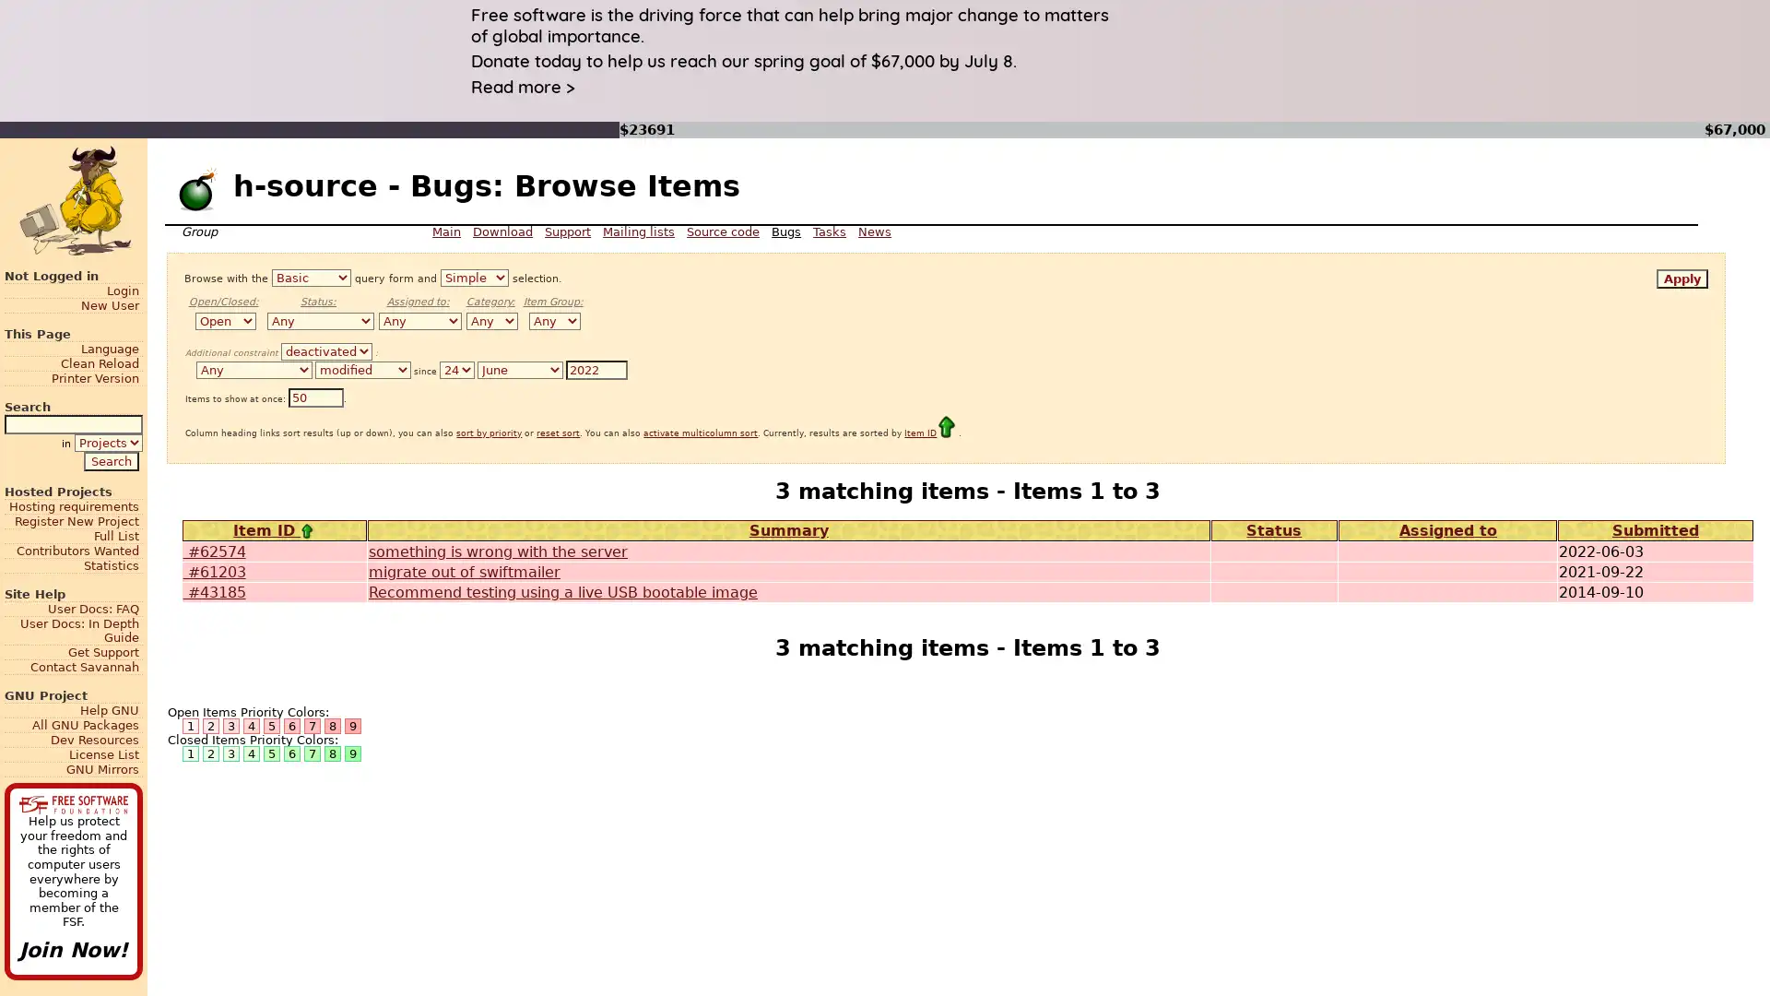 This screenshot has height=996, width=1770. I want to click on Search, so click(110, 459).